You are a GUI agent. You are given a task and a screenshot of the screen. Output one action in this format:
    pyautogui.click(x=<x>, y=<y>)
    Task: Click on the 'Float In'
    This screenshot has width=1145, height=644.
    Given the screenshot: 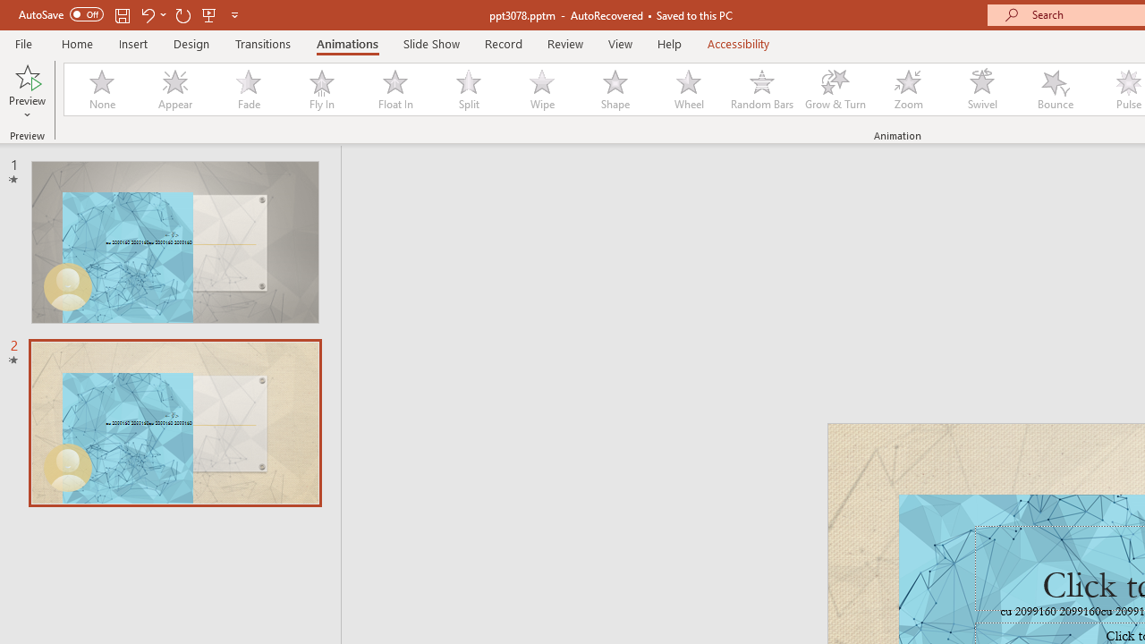 What is the action you would take?
    pyautogui.click(x=394, y=89)
    